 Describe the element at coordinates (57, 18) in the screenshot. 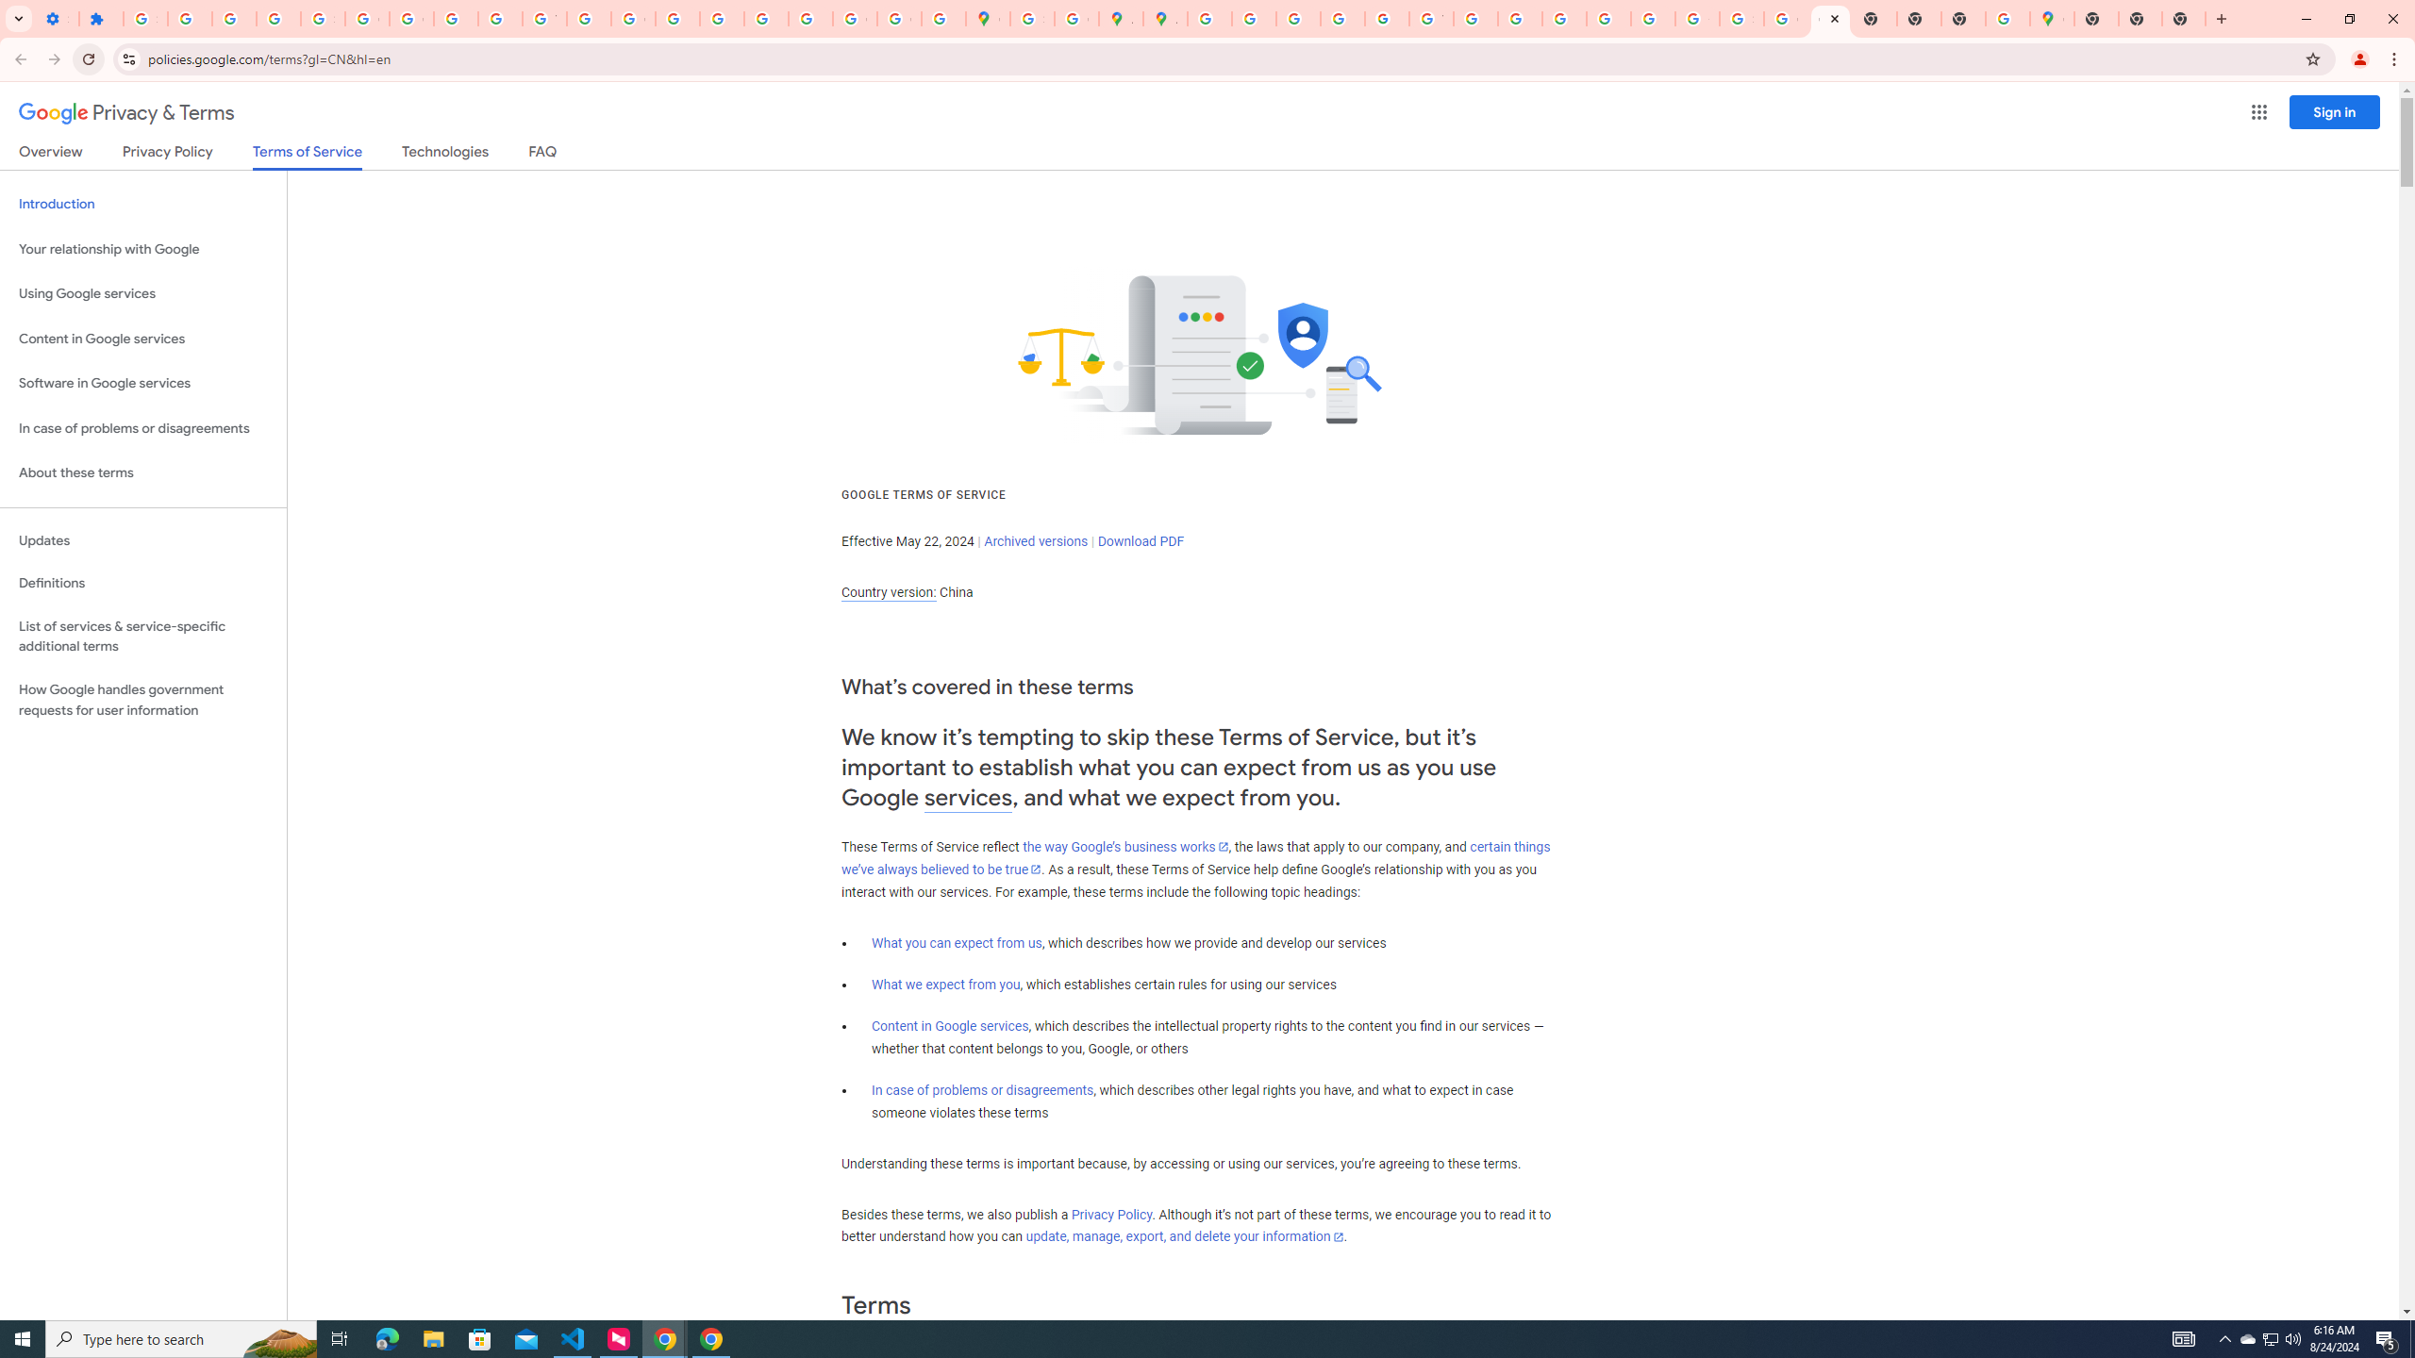

I see `'Settings - On startup'` at that location.